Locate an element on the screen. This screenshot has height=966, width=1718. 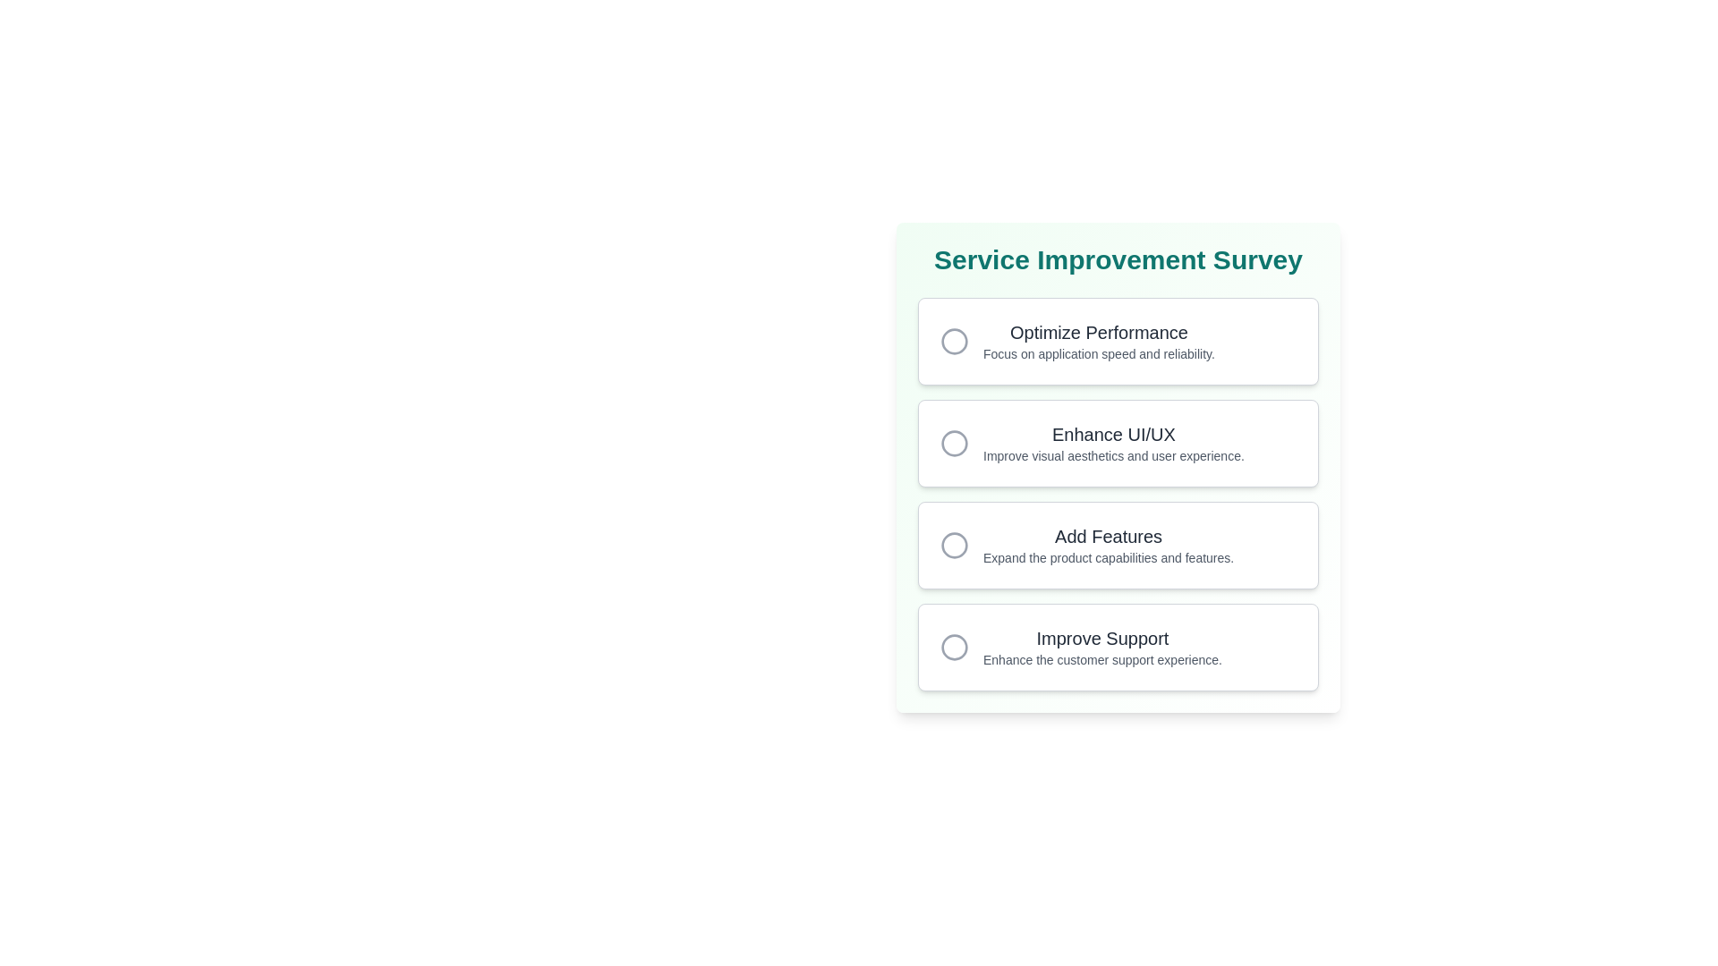
the circular gray icon with a center marking located inside the 'Enhance UI/UX' selection card in the 'Service Improvement Survey' dialog is located at coordinates (953, 443).